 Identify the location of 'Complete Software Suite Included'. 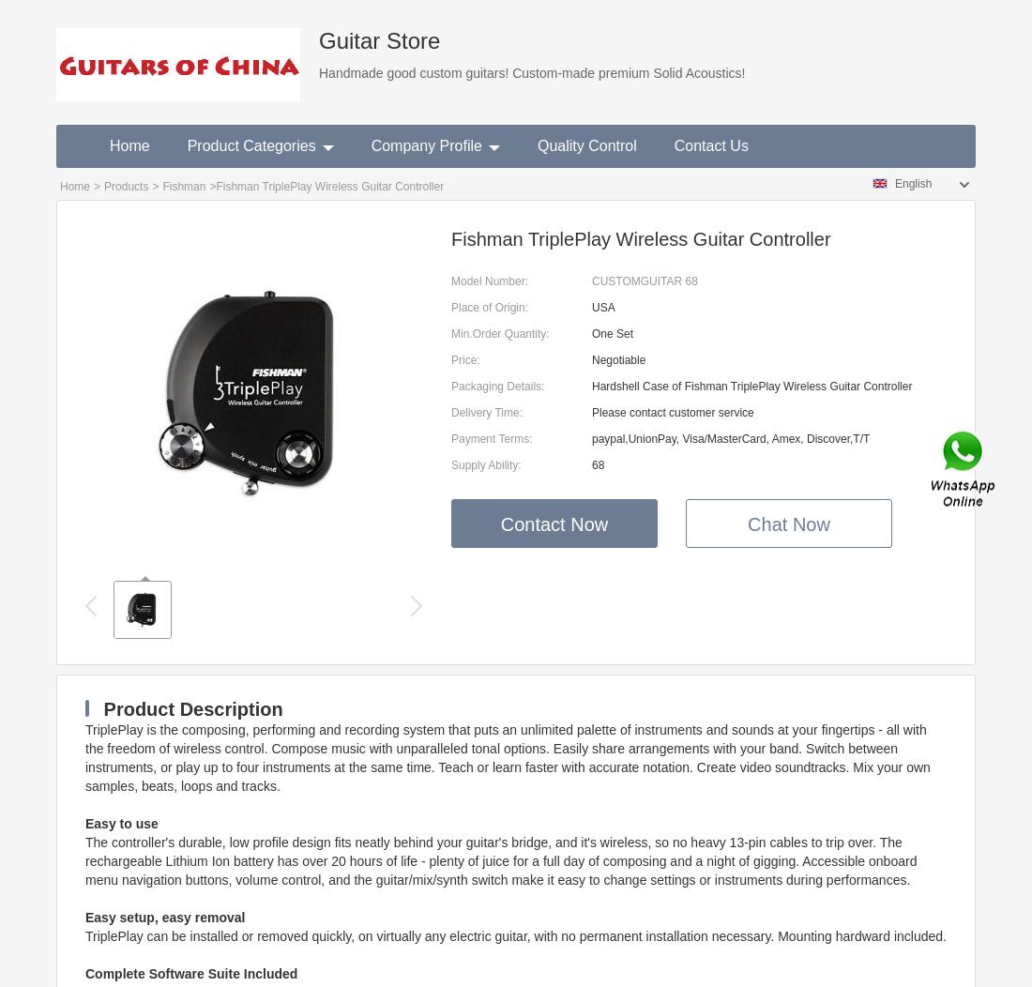
(190, 973).